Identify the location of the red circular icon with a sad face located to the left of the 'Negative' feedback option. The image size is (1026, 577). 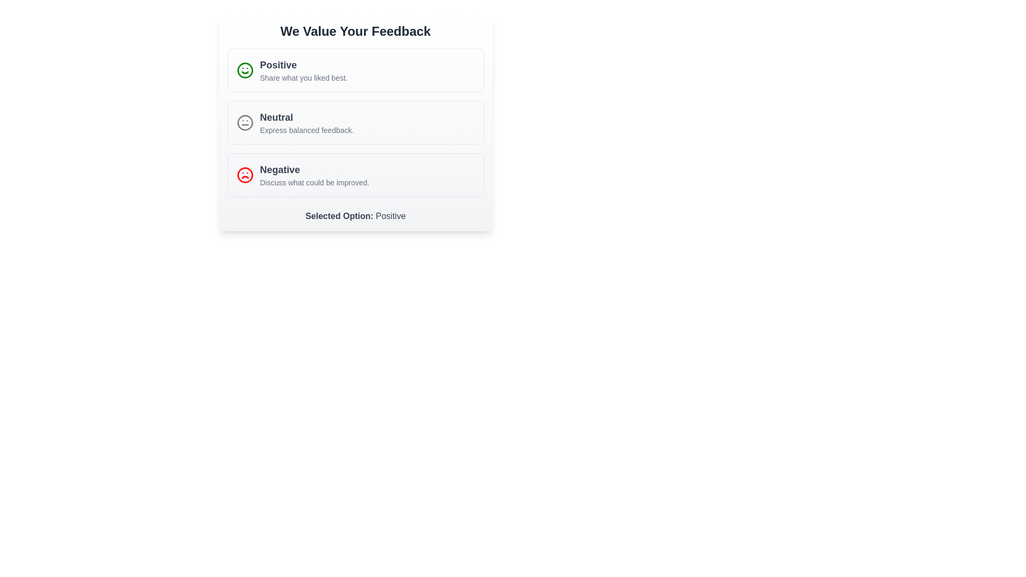
(244, 174).